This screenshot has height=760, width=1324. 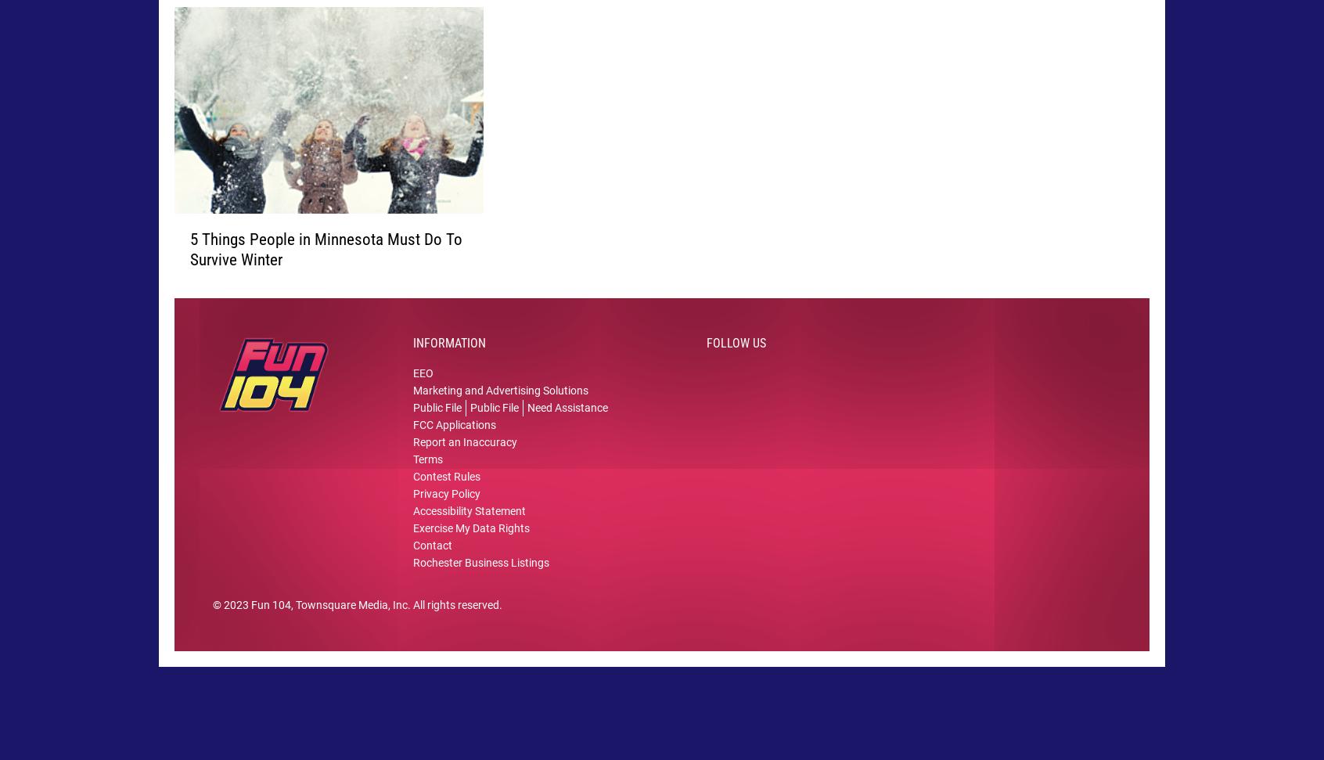 What do you see at coordinates (464, 465) in the screenshot?
I see `'Report an Inaccuracy'` at bounding box center [464, 465].